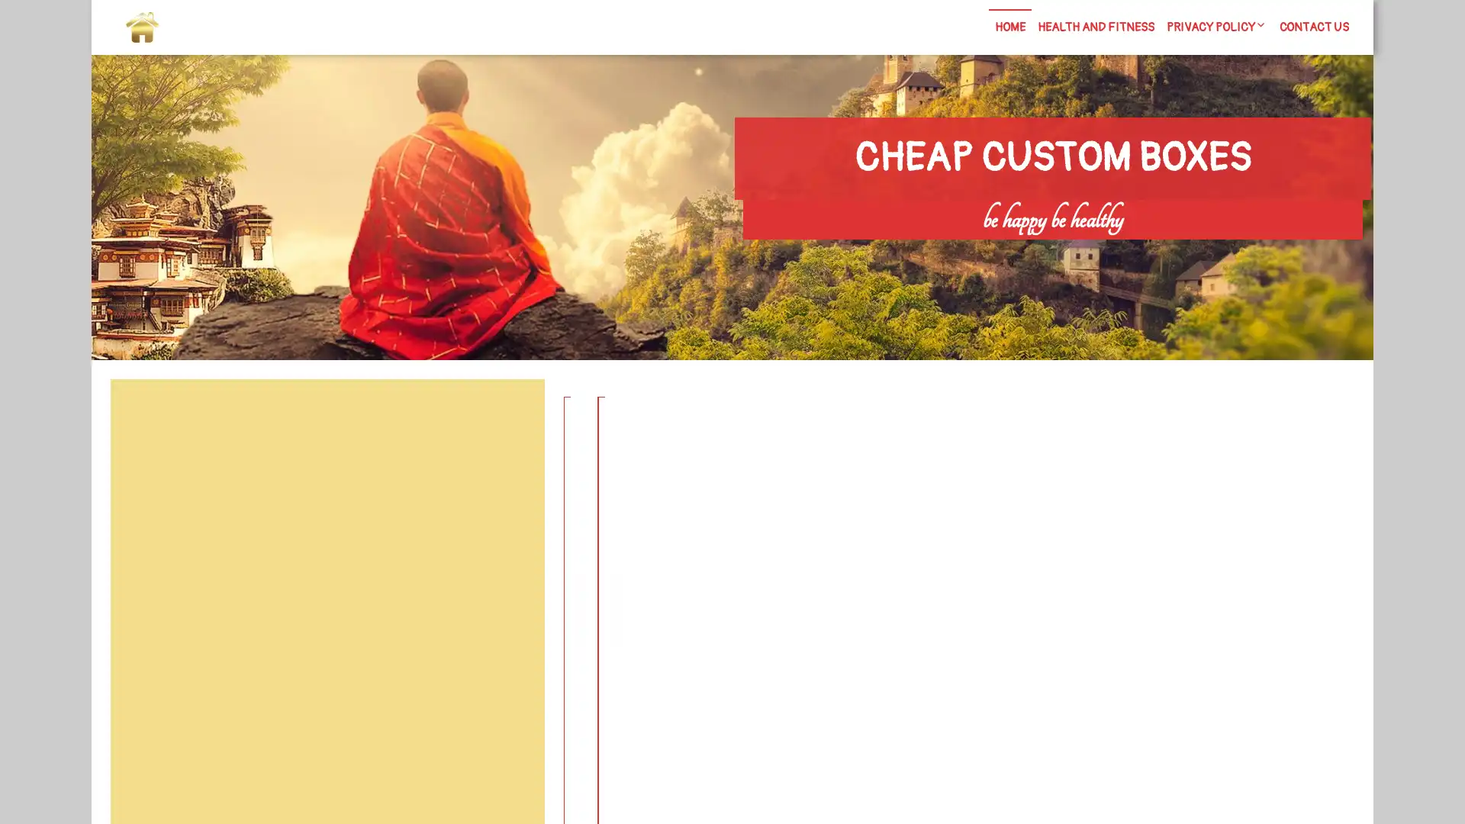 The image size is (1465, 824). I want to click on Search, so click(509, 416).